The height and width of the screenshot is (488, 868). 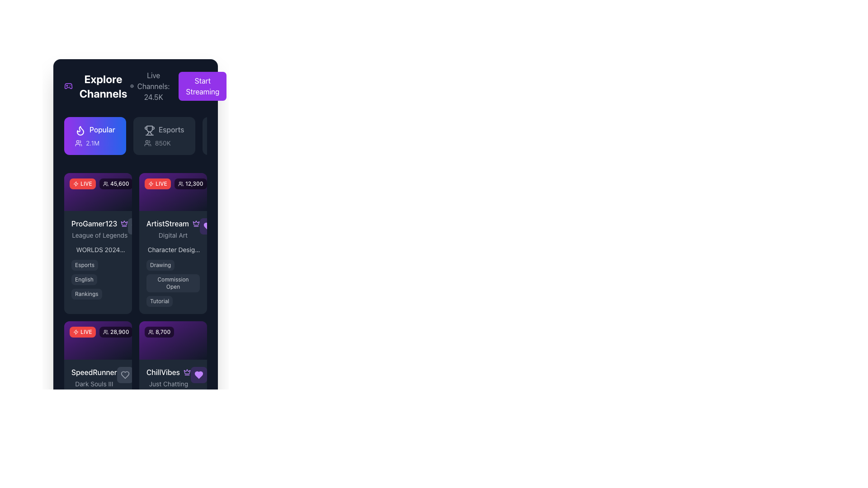 What do you see at coordinates (147, 142) in the screenshot?
I see `the user metrics icon representing the number of viewers in the 'Esports' category, located in the second position among the two category boxes to the right of the 'Popular' section` at bounding box center [147, 142].